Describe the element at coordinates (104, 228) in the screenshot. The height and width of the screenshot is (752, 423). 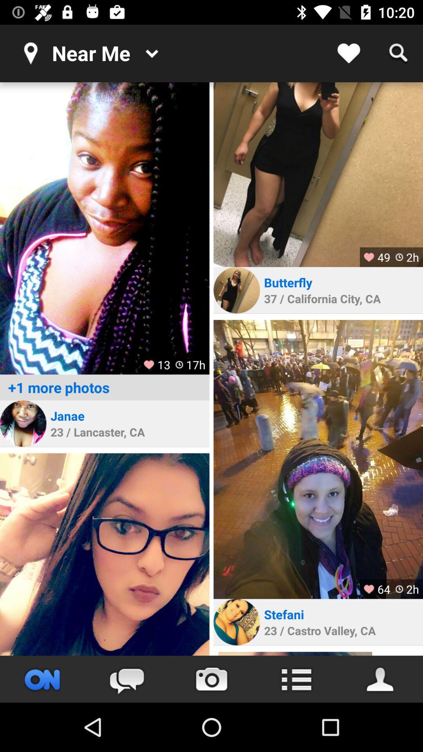
I see `picture` at that location.